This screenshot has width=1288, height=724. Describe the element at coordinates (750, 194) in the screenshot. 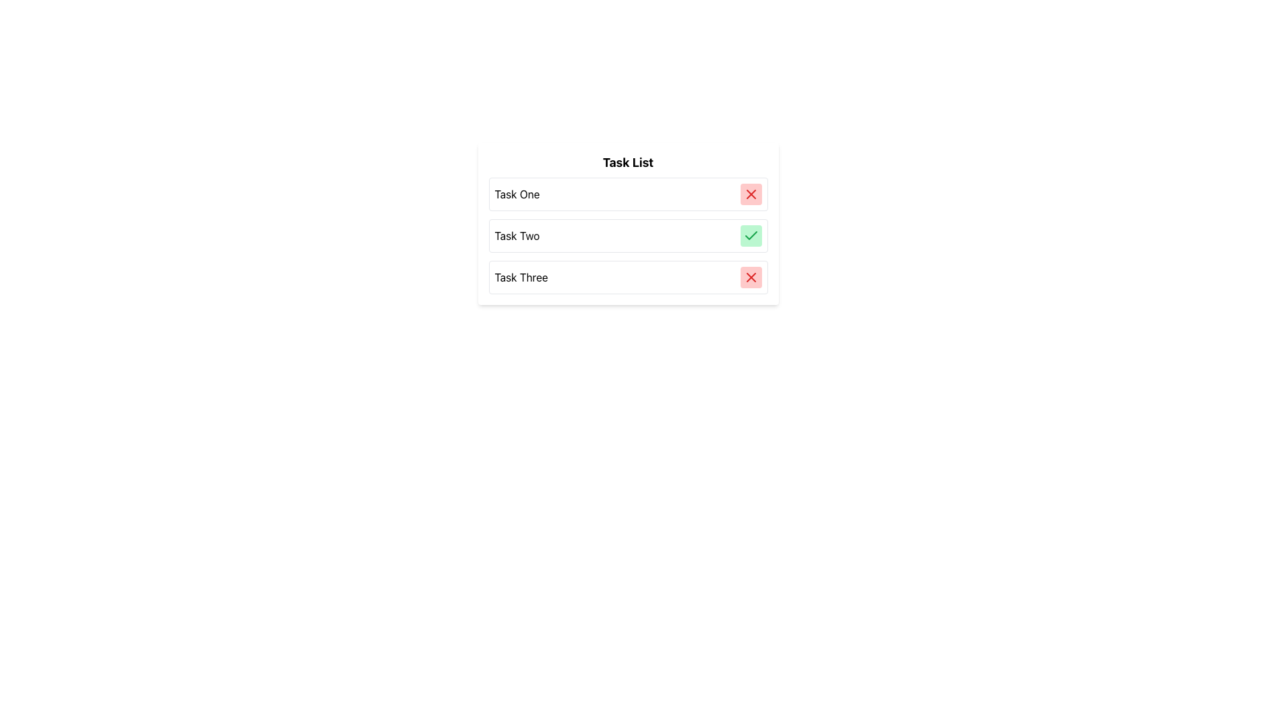

I see `keyboard navigation` at that location.